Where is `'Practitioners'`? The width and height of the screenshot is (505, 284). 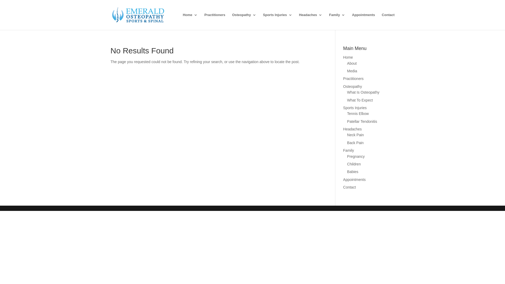 'Practitioners' is located at coordinates (343, 79).